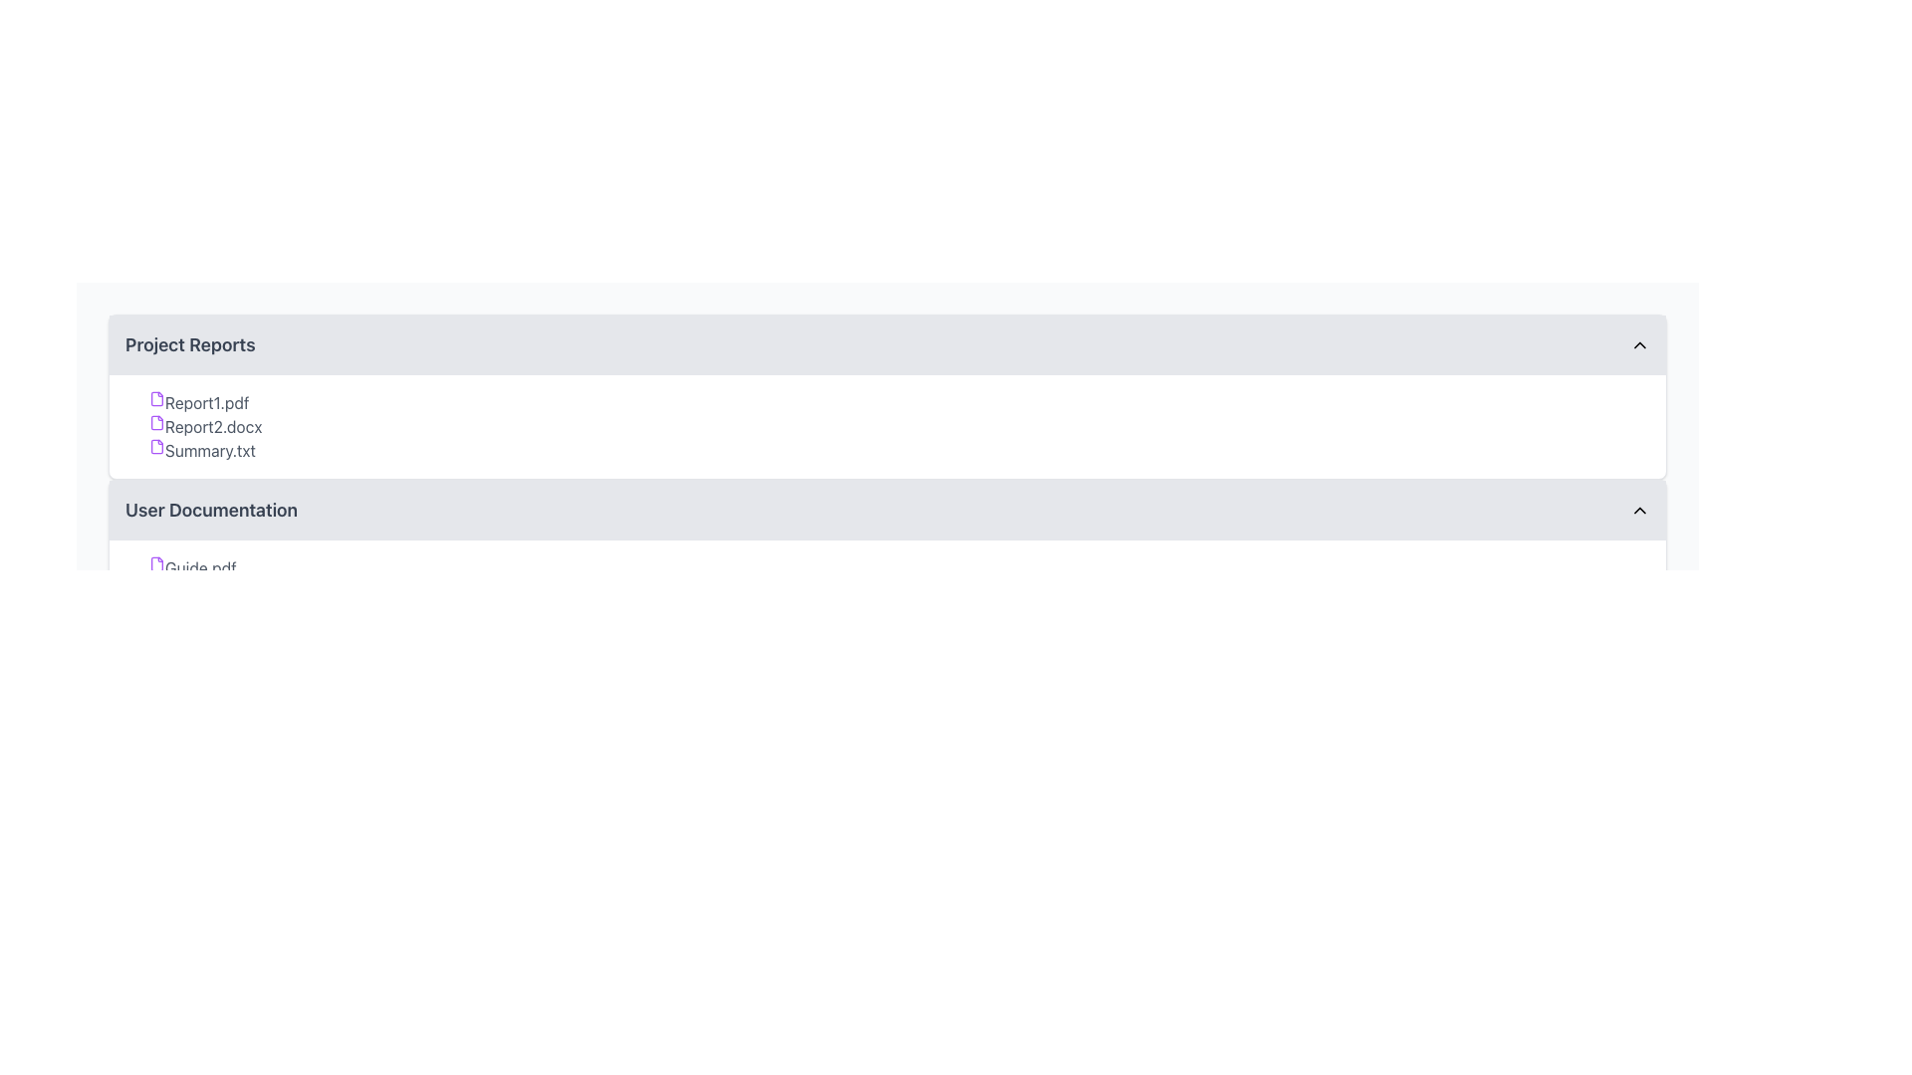 This screenshot has height=1075, width=1912. I want to click on the upward-facing chevron icon located in the header bar labeled 'Project Reports', so click(1639, 344).